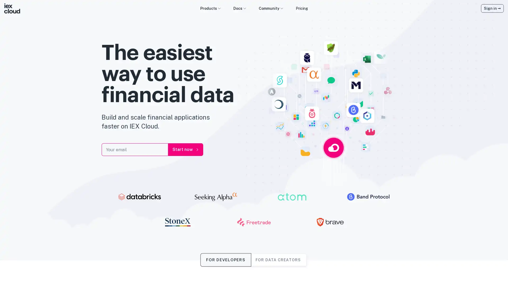 Image resolution: width=508 pixels, height=285 pixels. Describe the element at coordinates (225, 259) in the screenshot. I see `FOR DEVELOPERS` at that location.